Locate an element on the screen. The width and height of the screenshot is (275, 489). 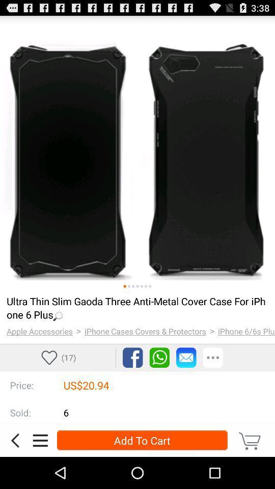
go back is located at coordinates (14, 440).